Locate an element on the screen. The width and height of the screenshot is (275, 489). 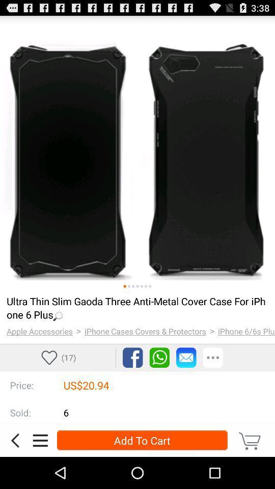
go back is located at coordinates (14, 440).